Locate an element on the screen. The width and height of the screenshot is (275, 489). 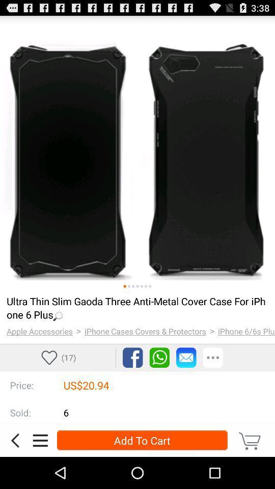
go back is located at coordinates (14, 440).